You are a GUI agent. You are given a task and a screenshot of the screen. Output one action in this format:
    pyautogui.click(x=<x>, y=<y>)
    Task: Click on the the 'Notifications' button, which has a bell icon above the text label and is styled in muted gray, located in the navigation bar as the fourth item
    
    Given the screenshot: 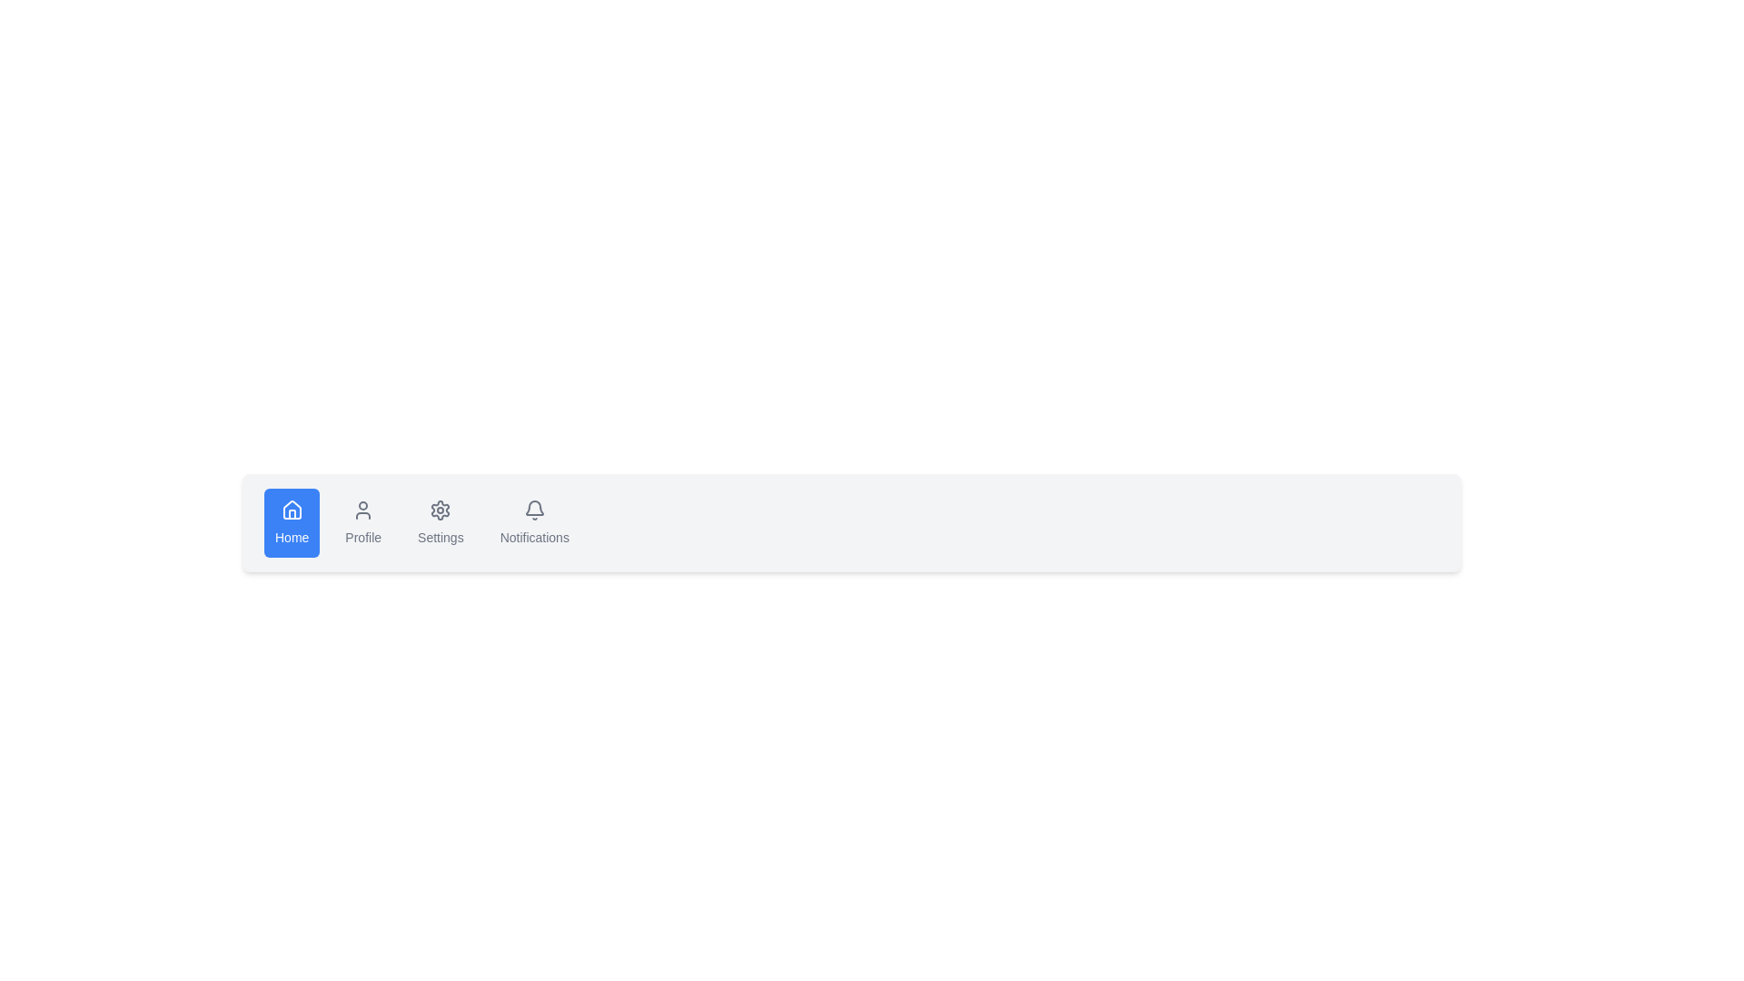 What is the action you would take?
    pyautogui.click(x=533, y=522)
    